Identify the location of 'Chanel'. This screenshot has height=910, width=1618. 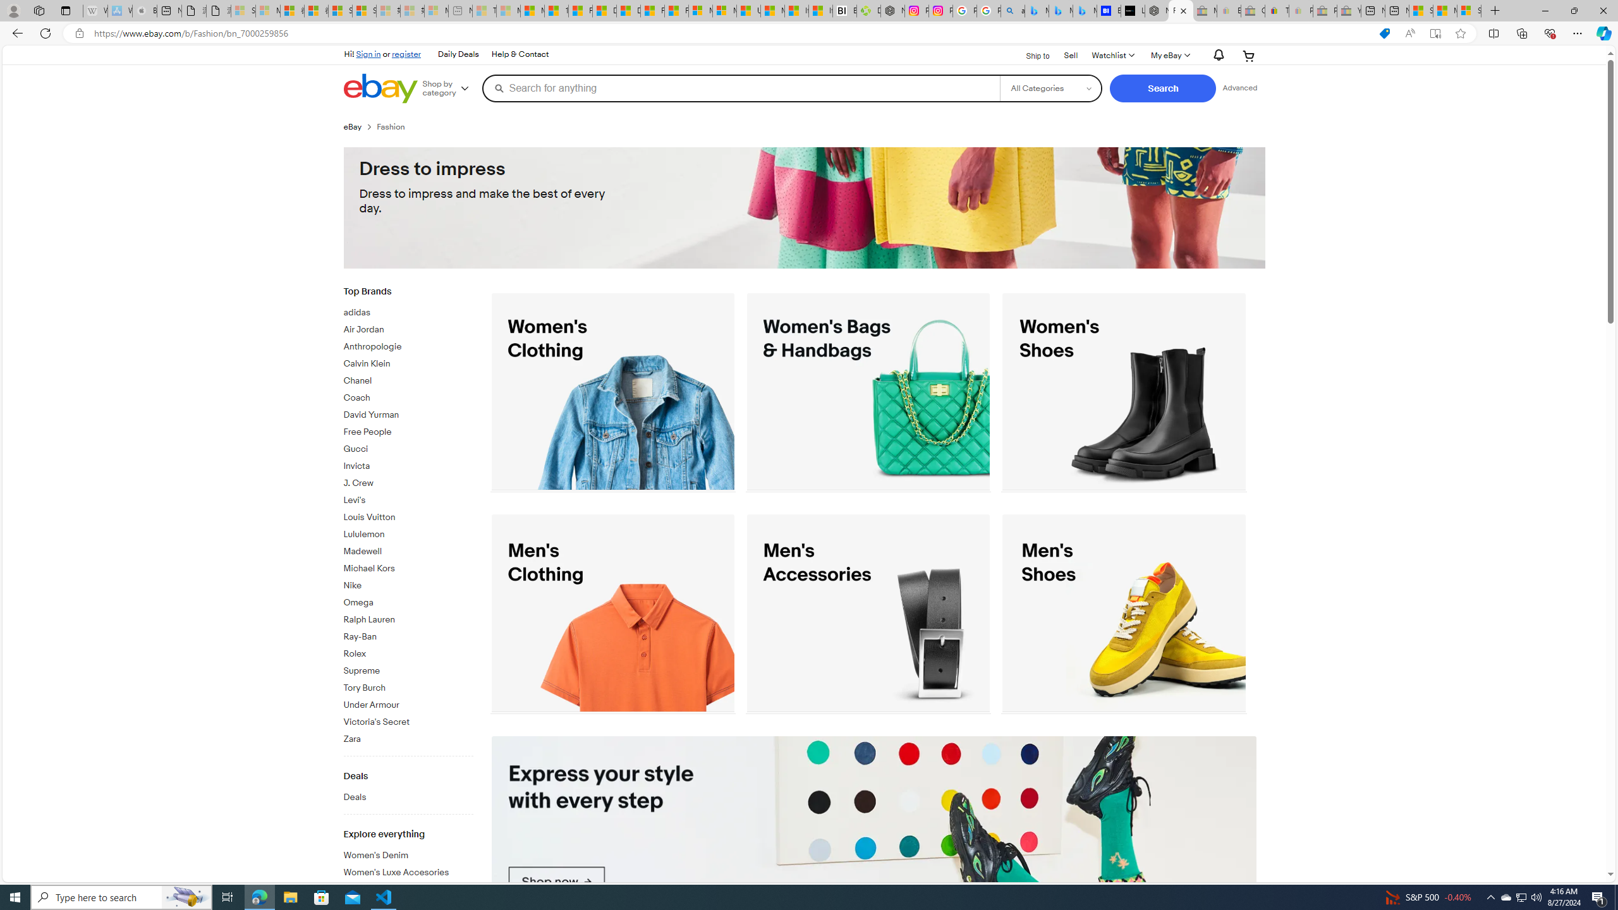
(408, 380).